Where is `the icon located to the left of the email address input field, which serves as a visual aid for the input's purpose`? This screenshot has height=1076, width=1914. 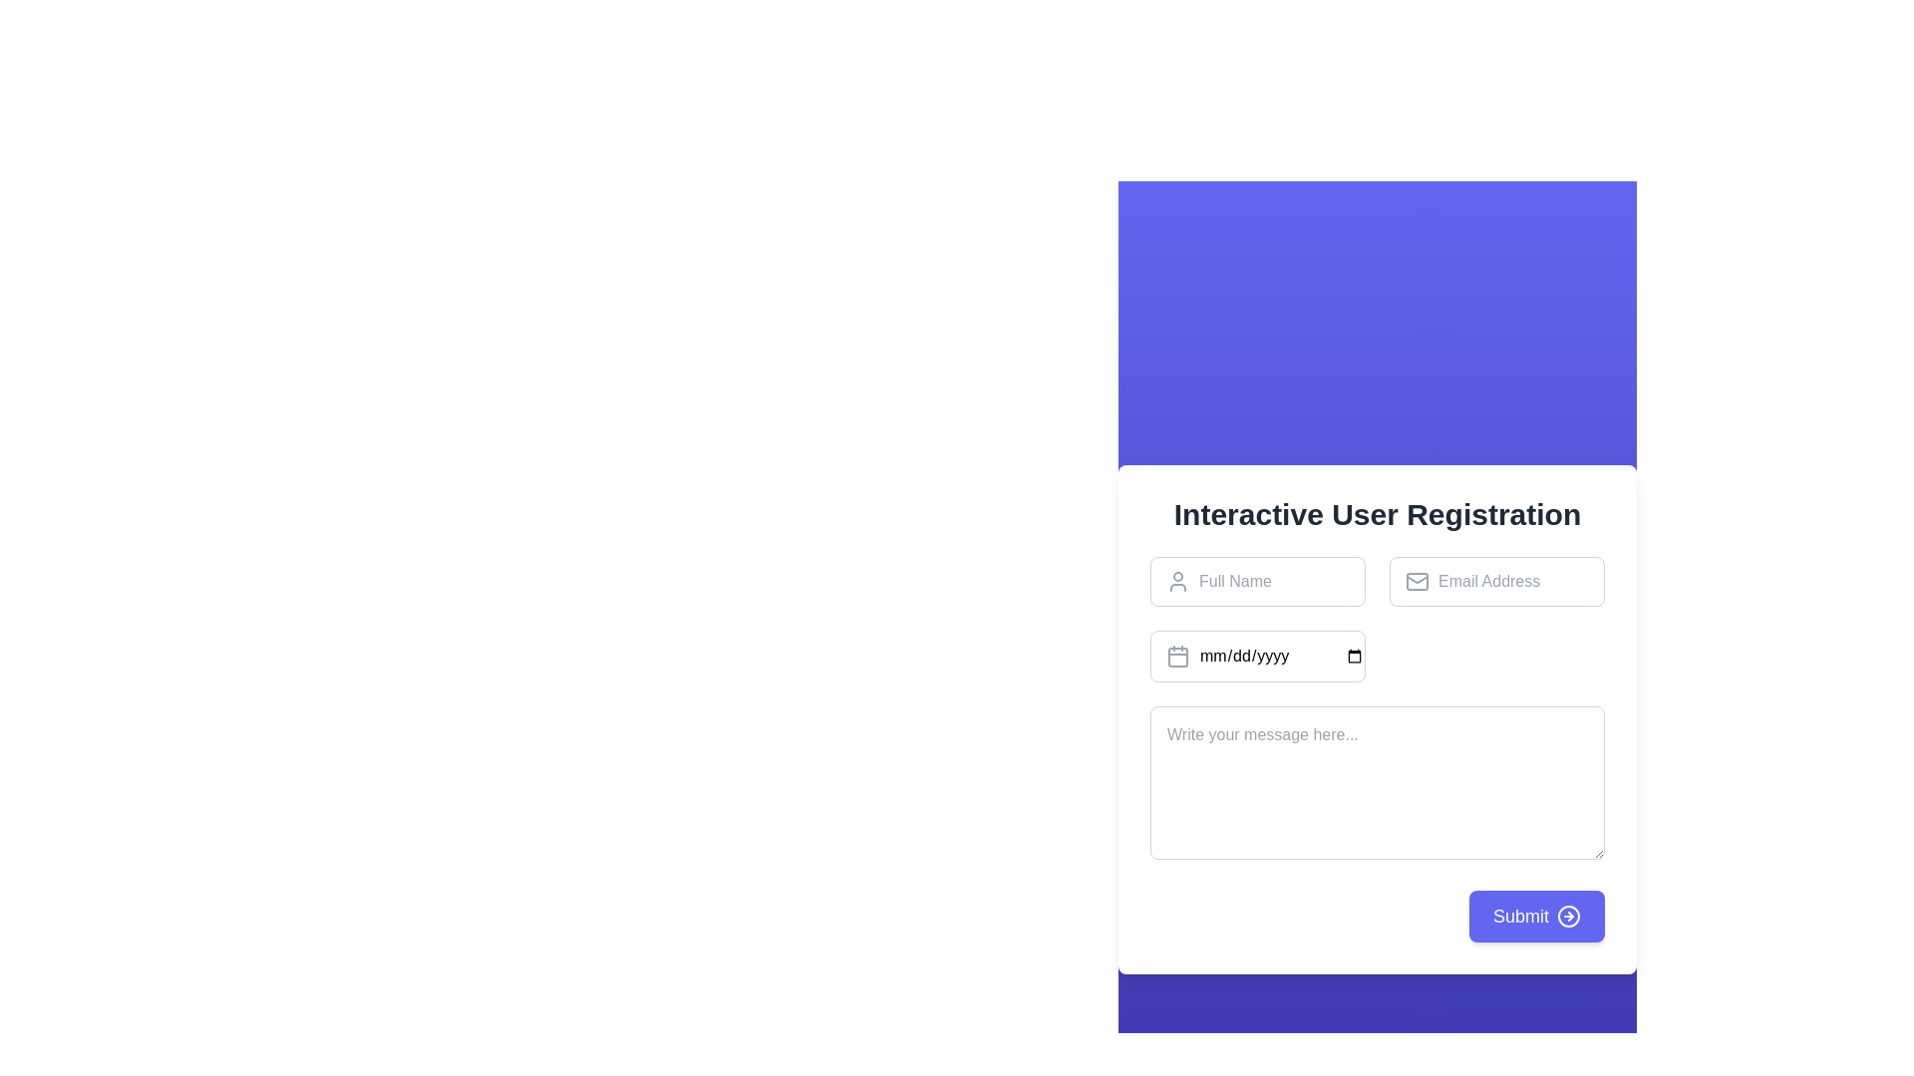
the icon located to the left of the email address input field, which serves as a visual aid for the input's purpose is located at coordinates (1416, 580).